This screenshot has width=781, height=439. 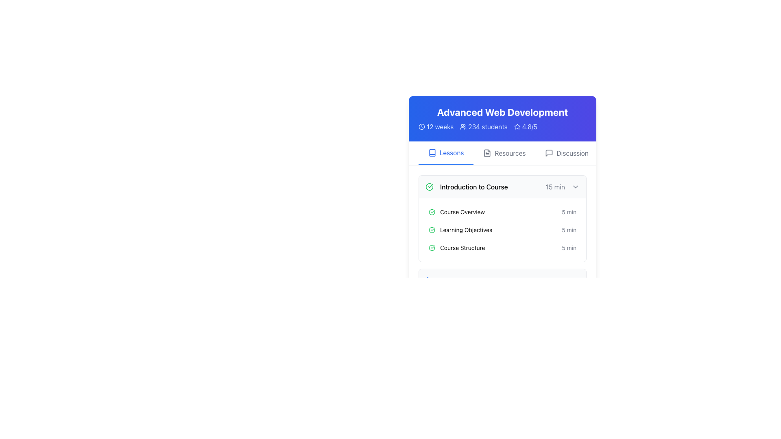 I want to click on the completion status icon for the 'Course Structure' item located at the far left of its row, so click(x=431, y=247).